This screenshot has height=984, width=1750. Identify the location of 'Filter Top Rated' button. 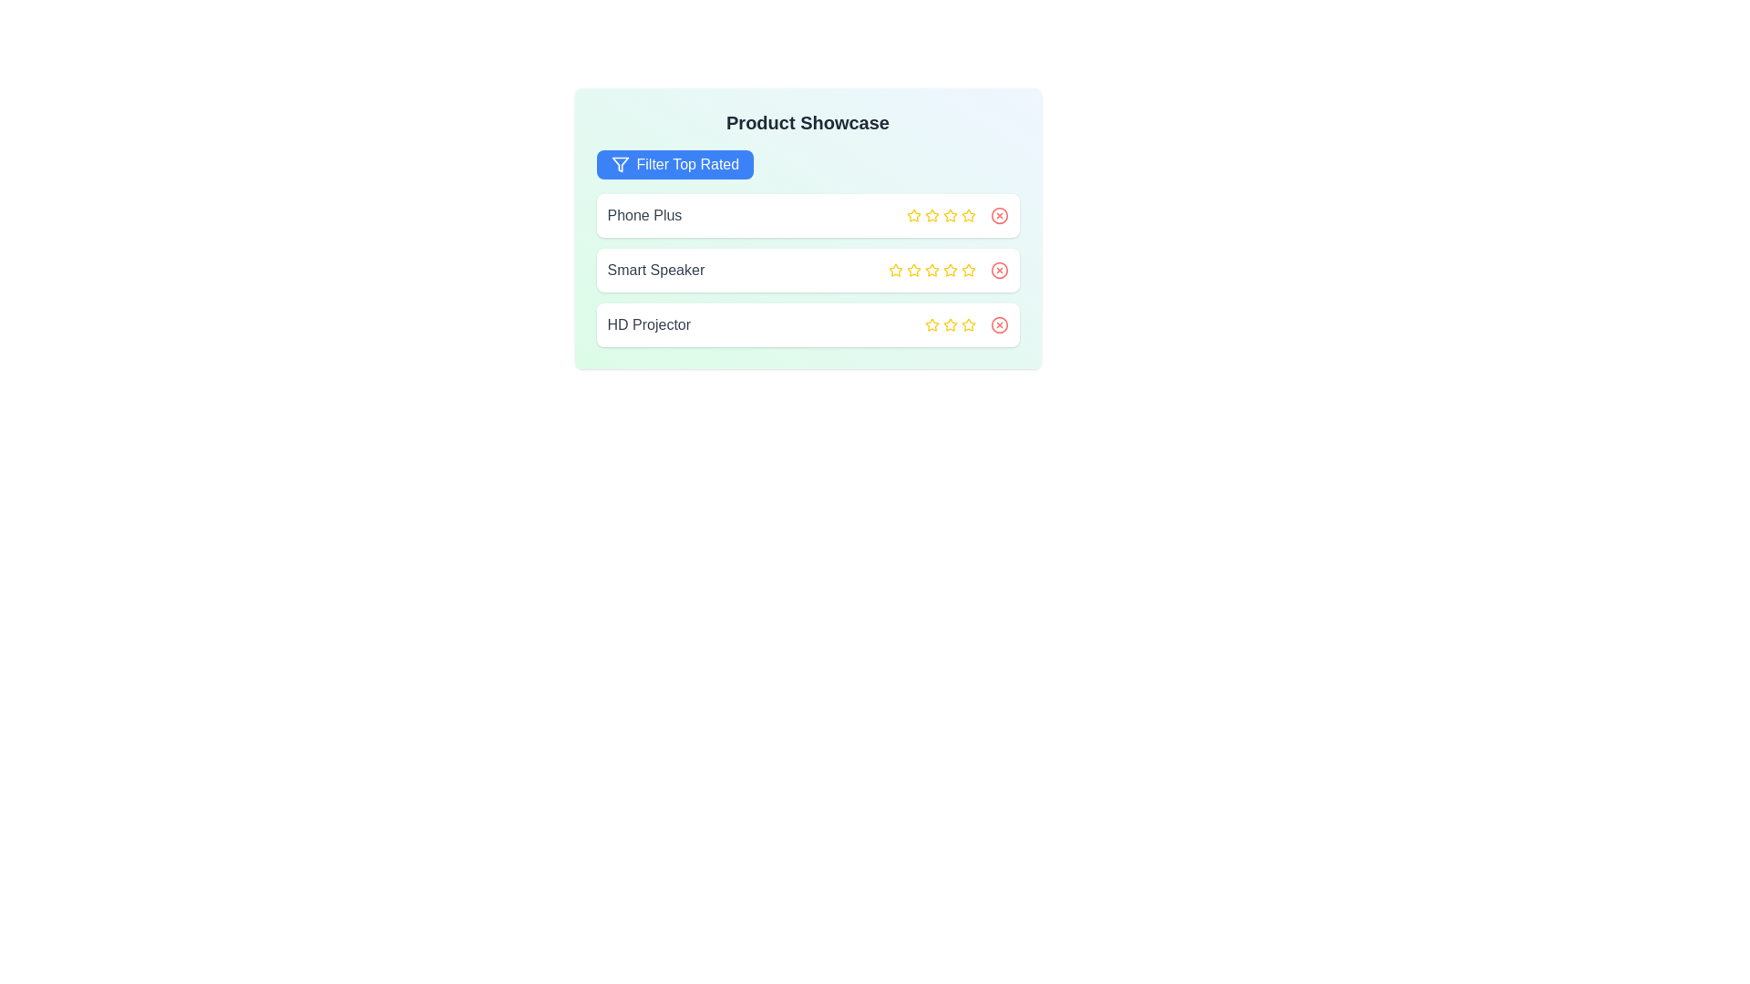
(674, 165).